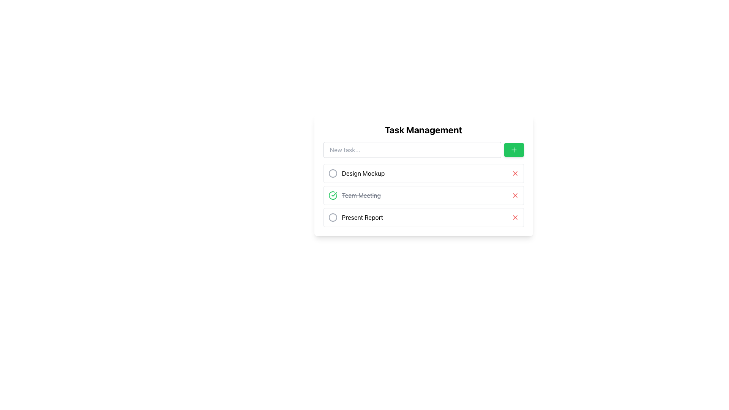 The height and width of the screenshot is (410, 729). What do you see at coordinates (362, 218) in the screenshot?
I see `title of the task labeled 'Present Report', which is the third item in the task list below 'Team Meeting'` at bounding box center [362, 218].